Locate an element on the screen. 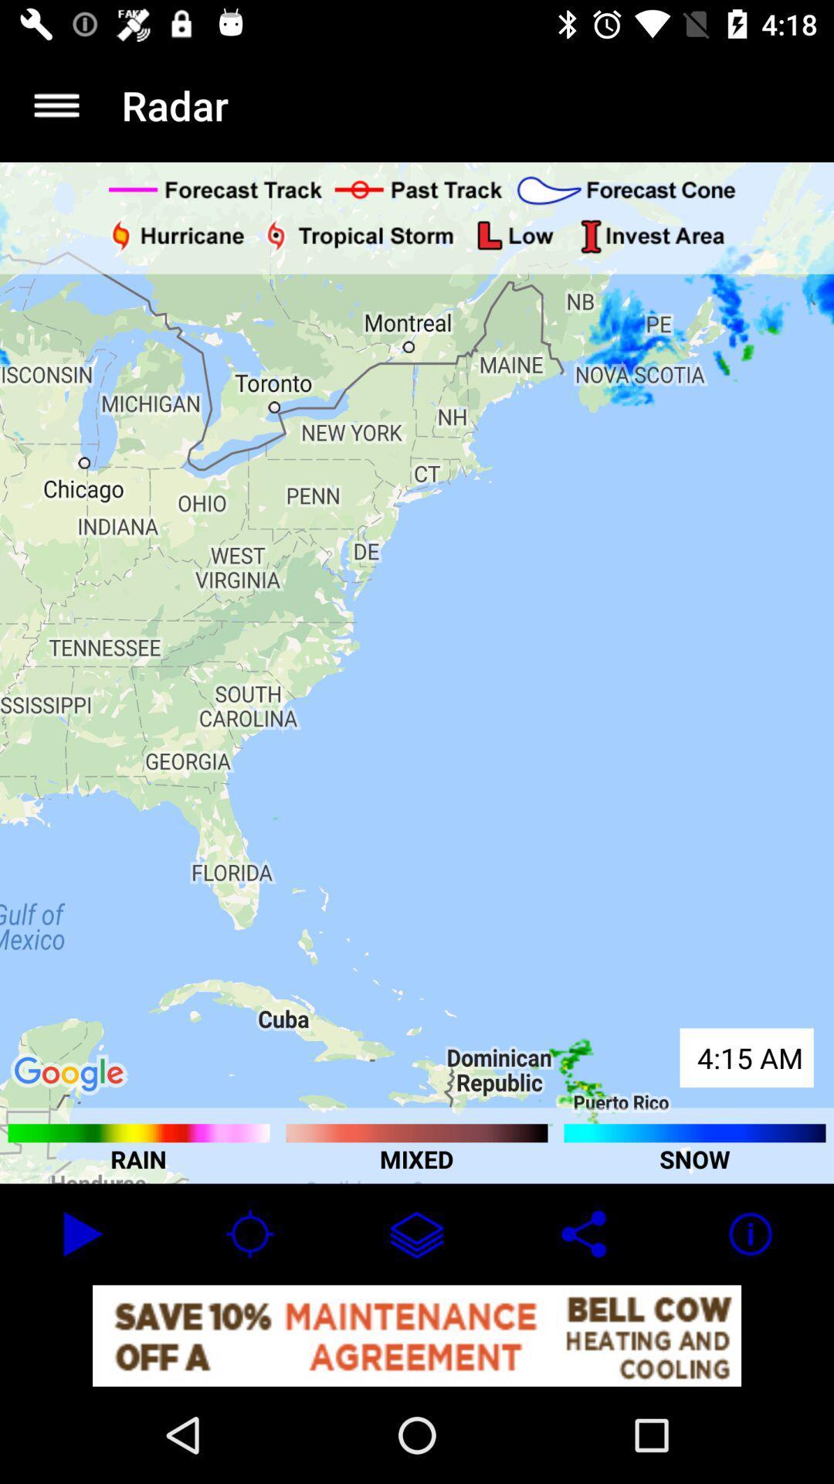  the menu icon is located at coordinates (56, 104).